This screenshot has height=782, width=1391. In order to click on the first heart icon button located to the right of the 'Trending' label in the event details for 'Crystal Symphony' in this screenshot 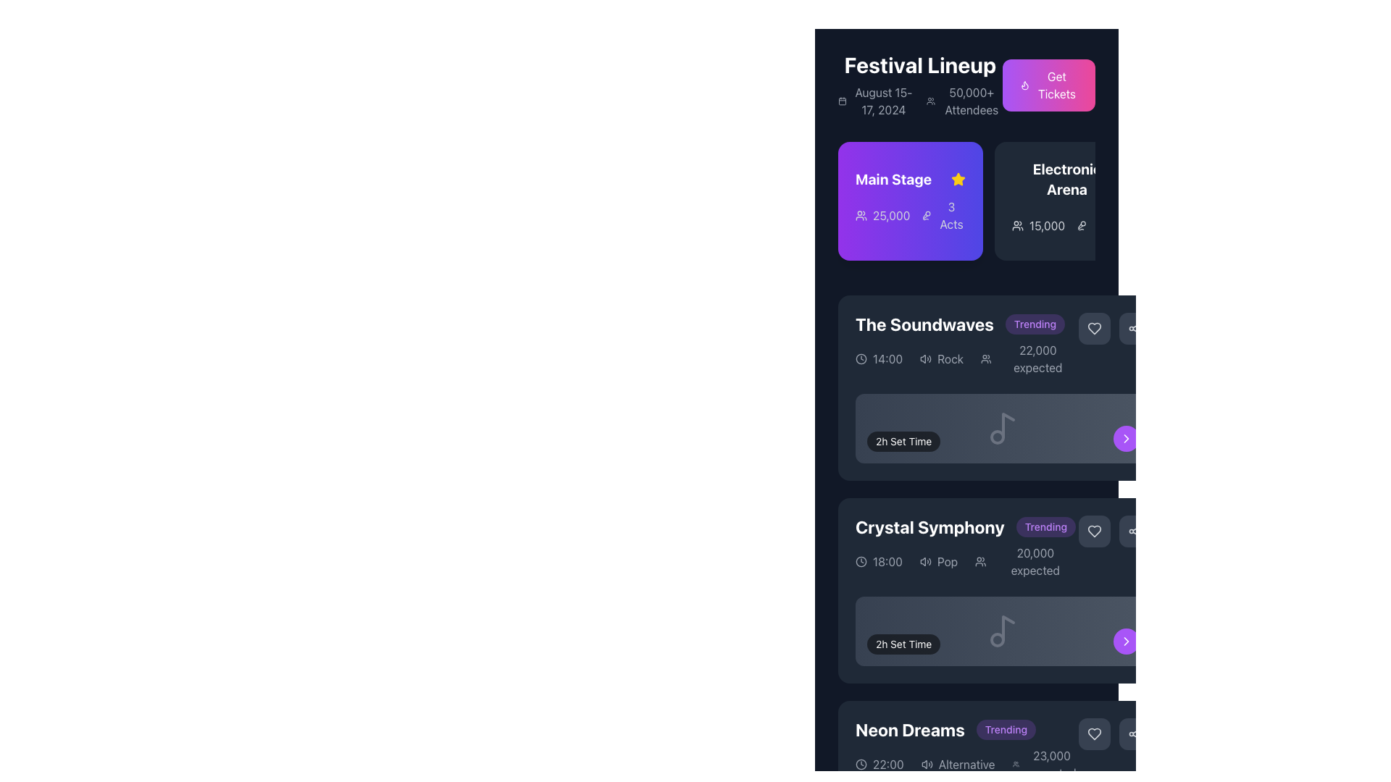, I will do `click(1095, 531)`.